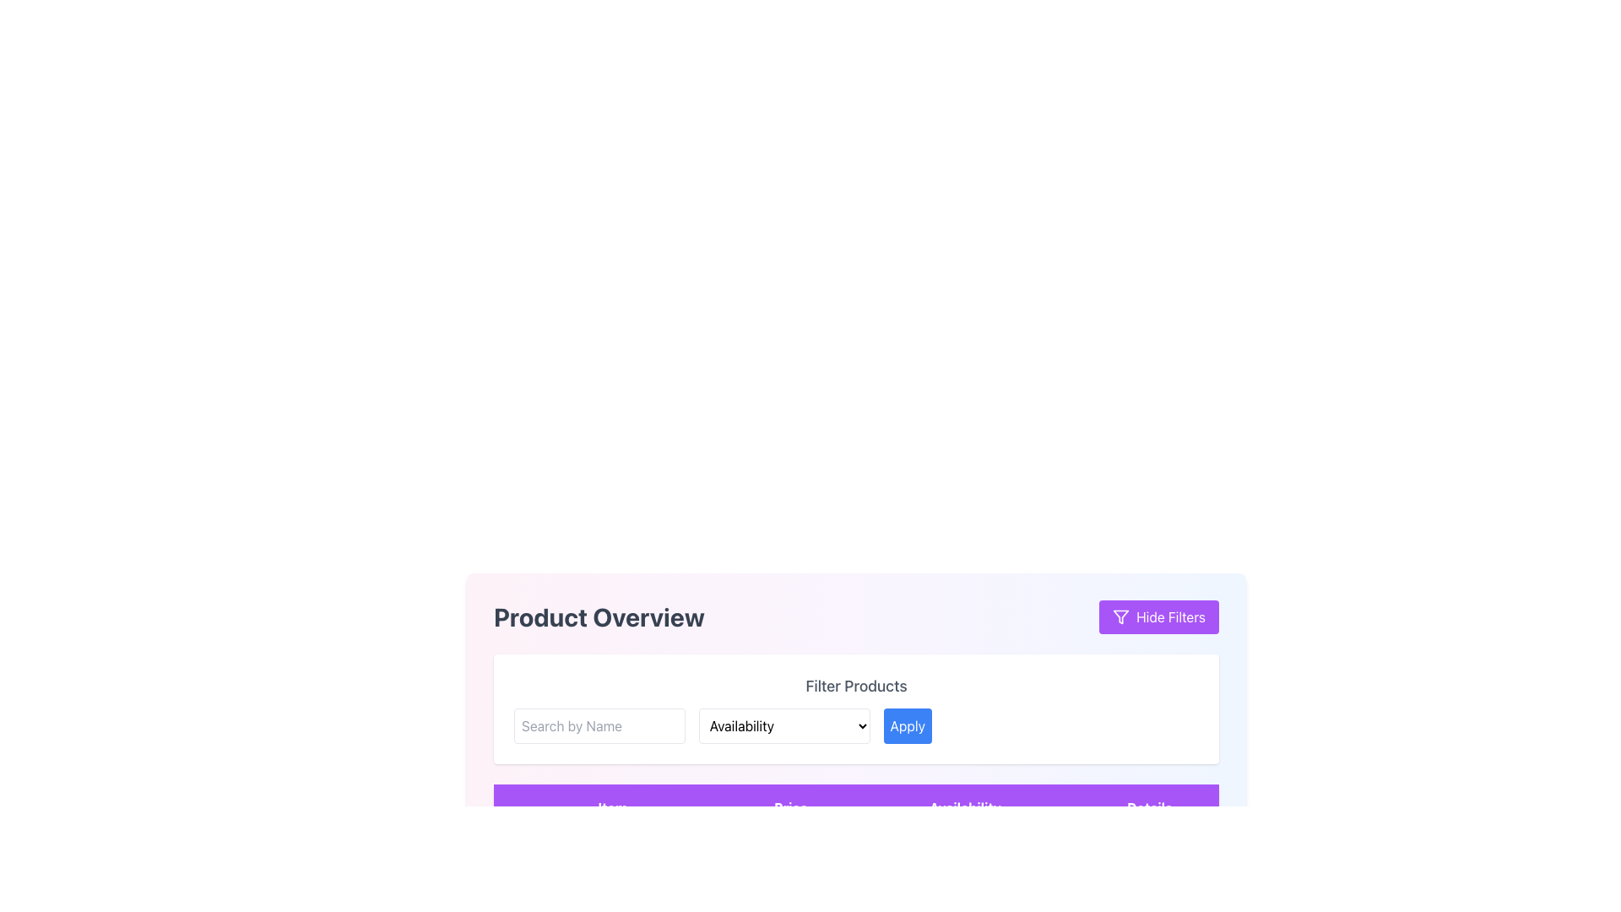  Describe the element at coordinates (1121, 617) in the screenshot. I see `the 'Hide Filters' button located at the top-right corner of the interface, which contains a small triangular filter outline icon on its left side` at that location.